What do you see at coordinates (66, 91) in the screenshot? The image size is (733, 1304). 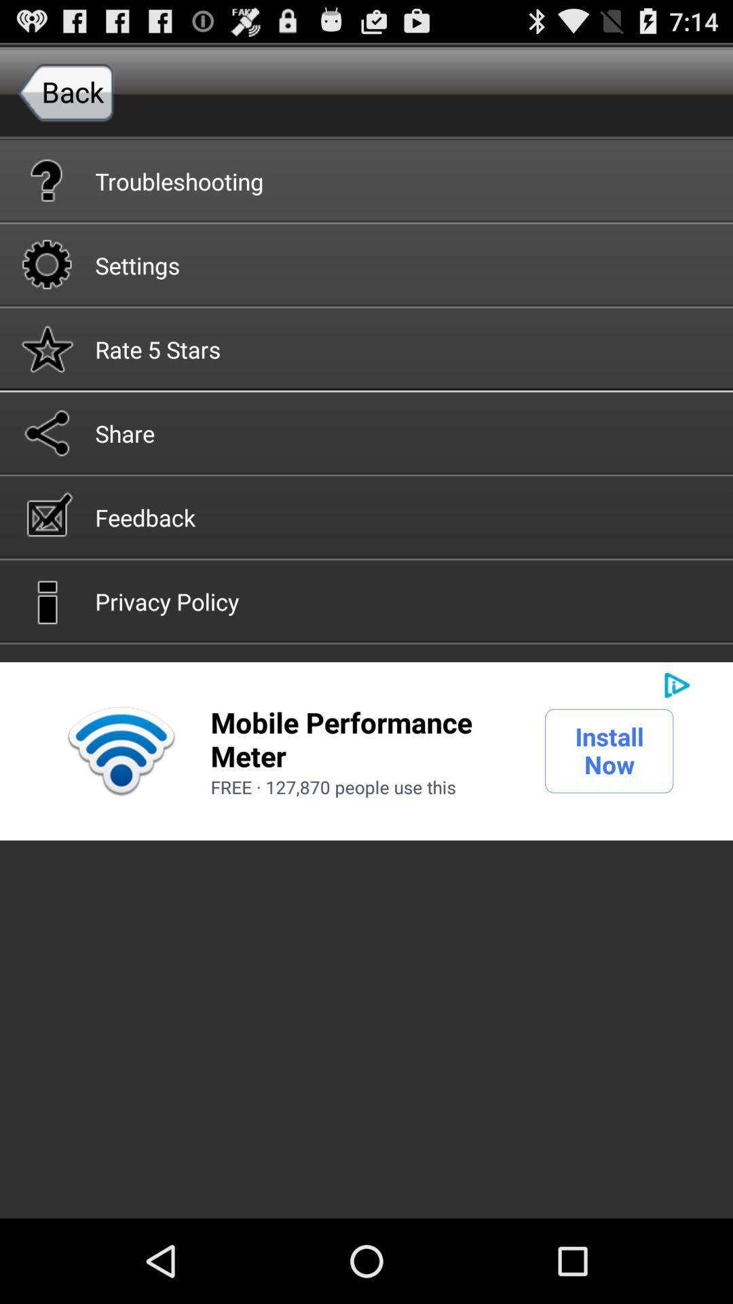 I see `back` at bounding box center [66, 91].